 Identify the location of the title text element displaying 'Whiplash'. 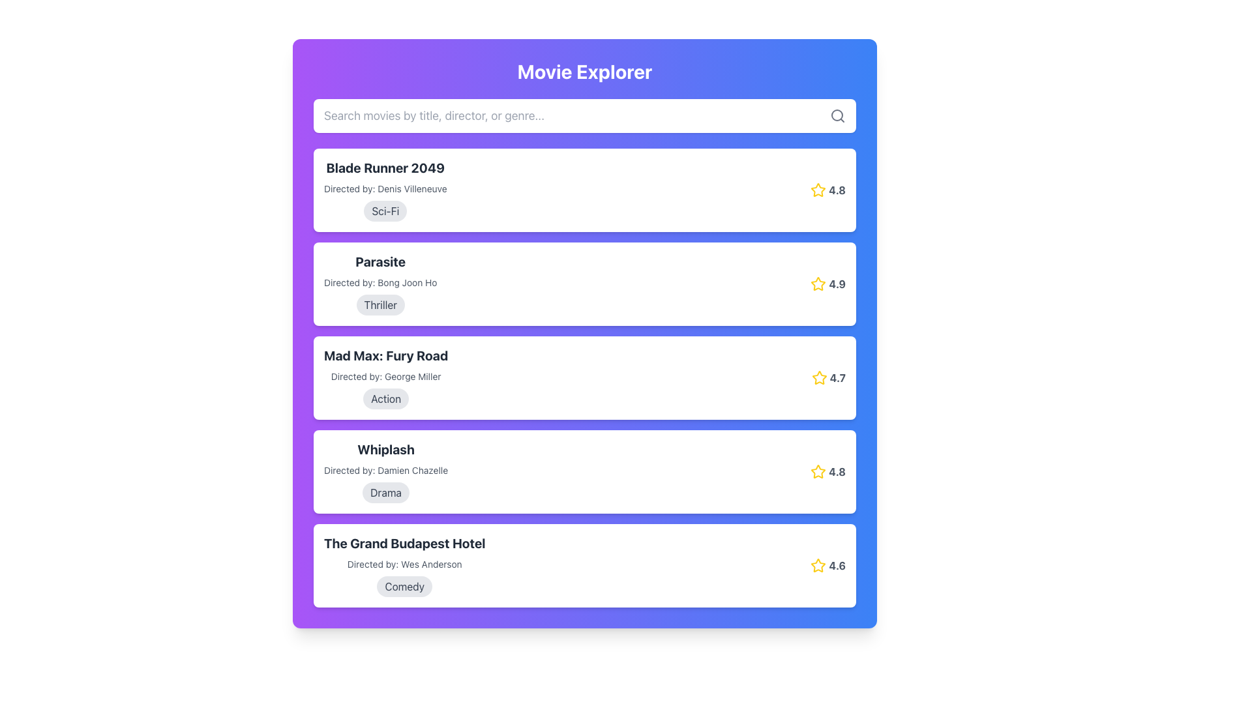
(385, 449).